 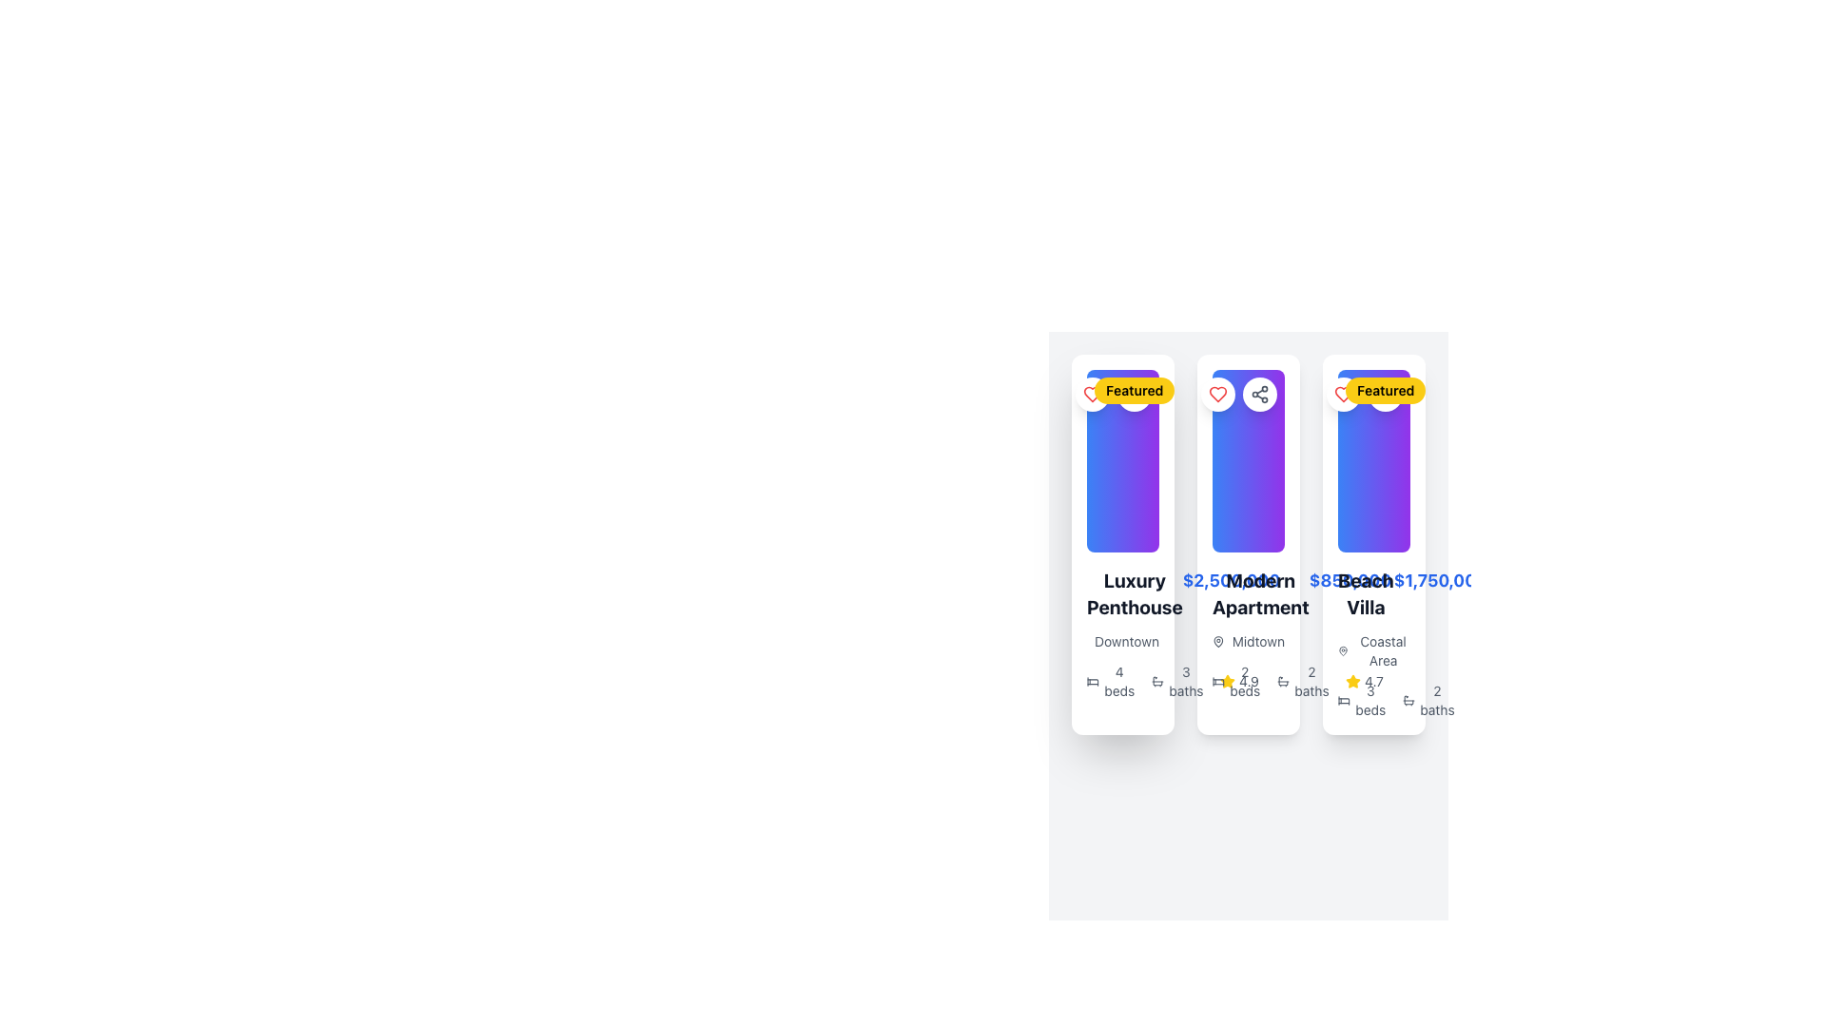 What do you see at coordinates (1228, 680) in the screenshot?
I see `the yellow star-shaped icon at the bottom section of the third property card from the left` at bounding box center [1228, 680].